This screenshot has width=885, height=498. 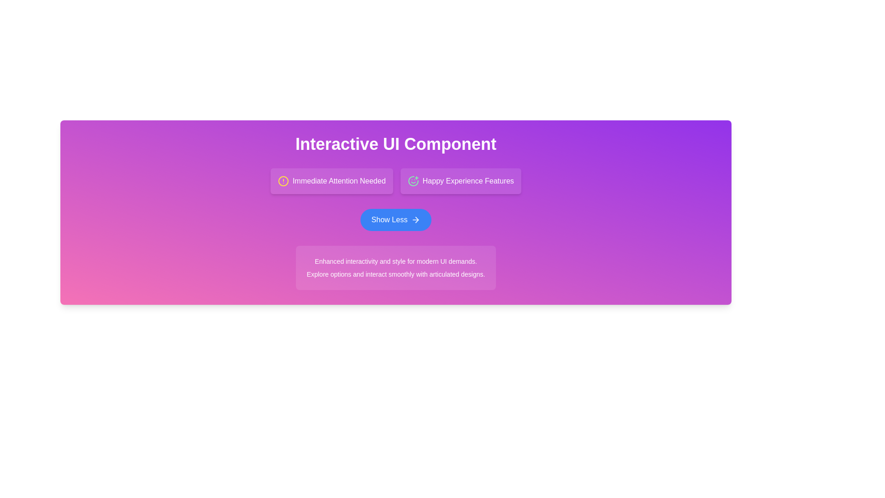 I want to click on the 'Show Less' button with a blue background and white text to observe interactivity effects, so click(x=396, y=220).